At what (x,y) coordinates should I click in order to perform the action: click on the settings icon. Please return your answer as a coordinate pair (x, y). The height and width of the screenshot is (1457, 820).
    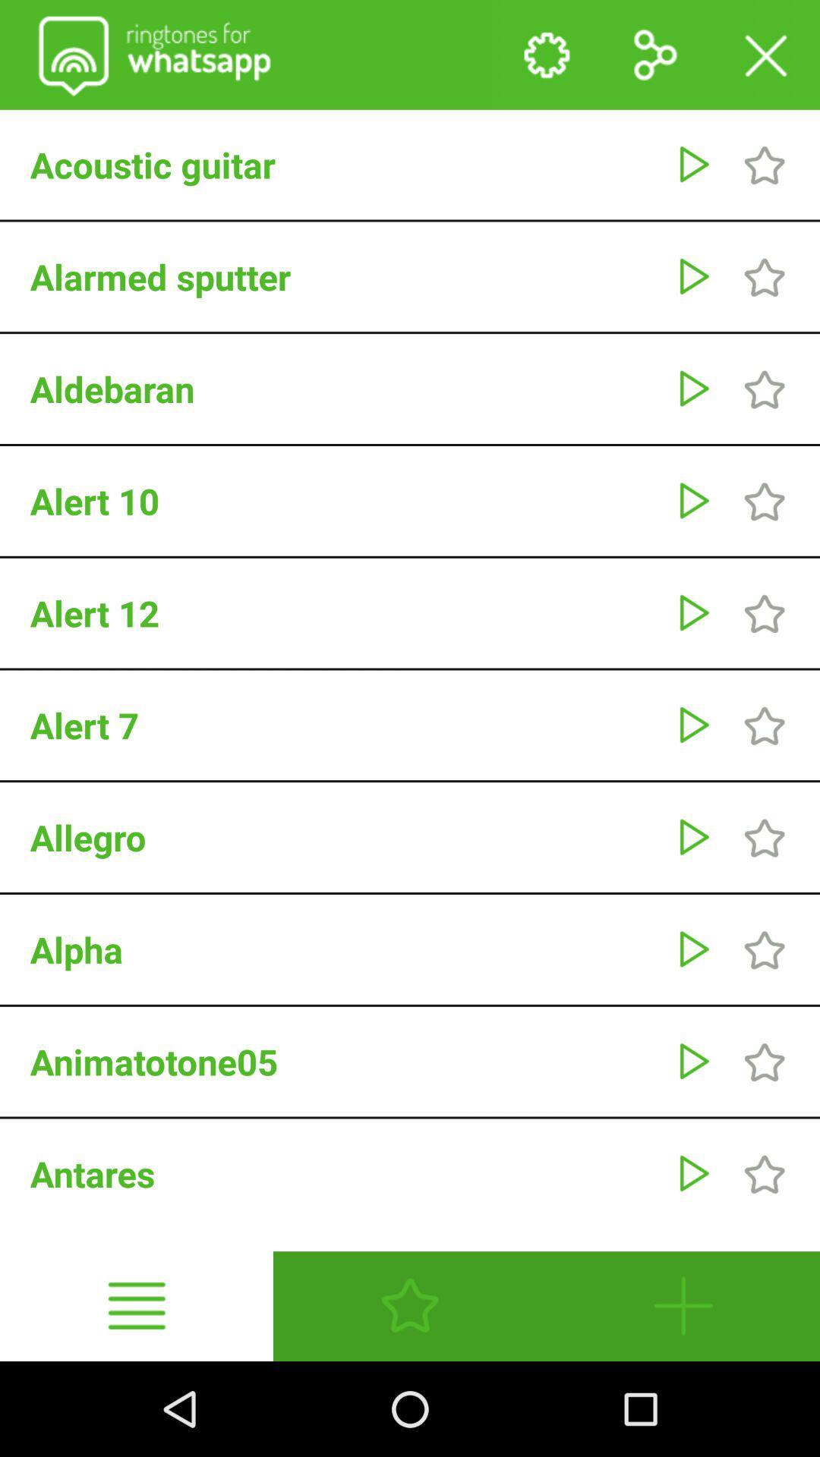
    Looking at the image, I should click on (544, 58).